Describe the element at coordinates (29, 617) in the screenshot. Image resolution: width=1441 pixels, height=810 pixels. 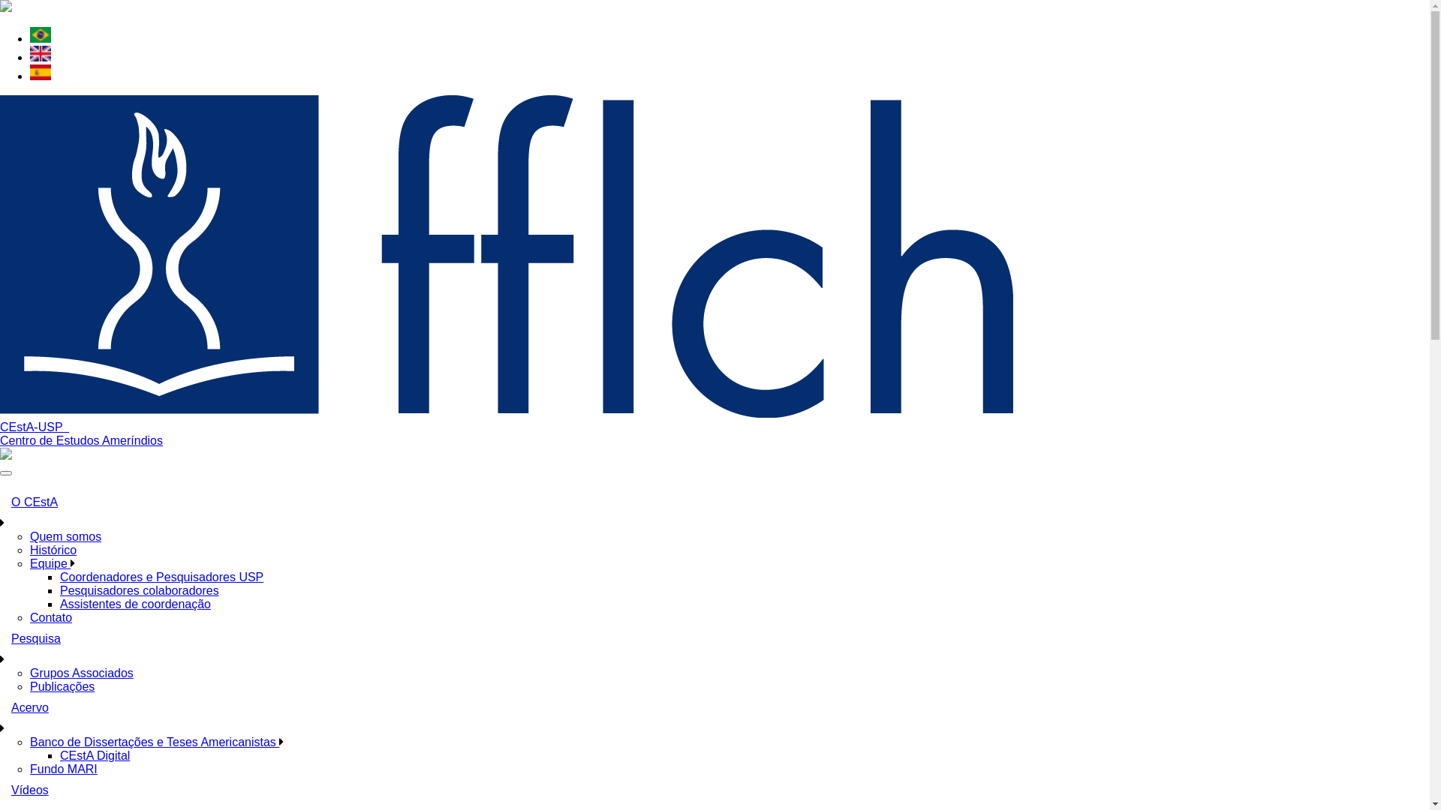
I see `'Contato'` at that location.